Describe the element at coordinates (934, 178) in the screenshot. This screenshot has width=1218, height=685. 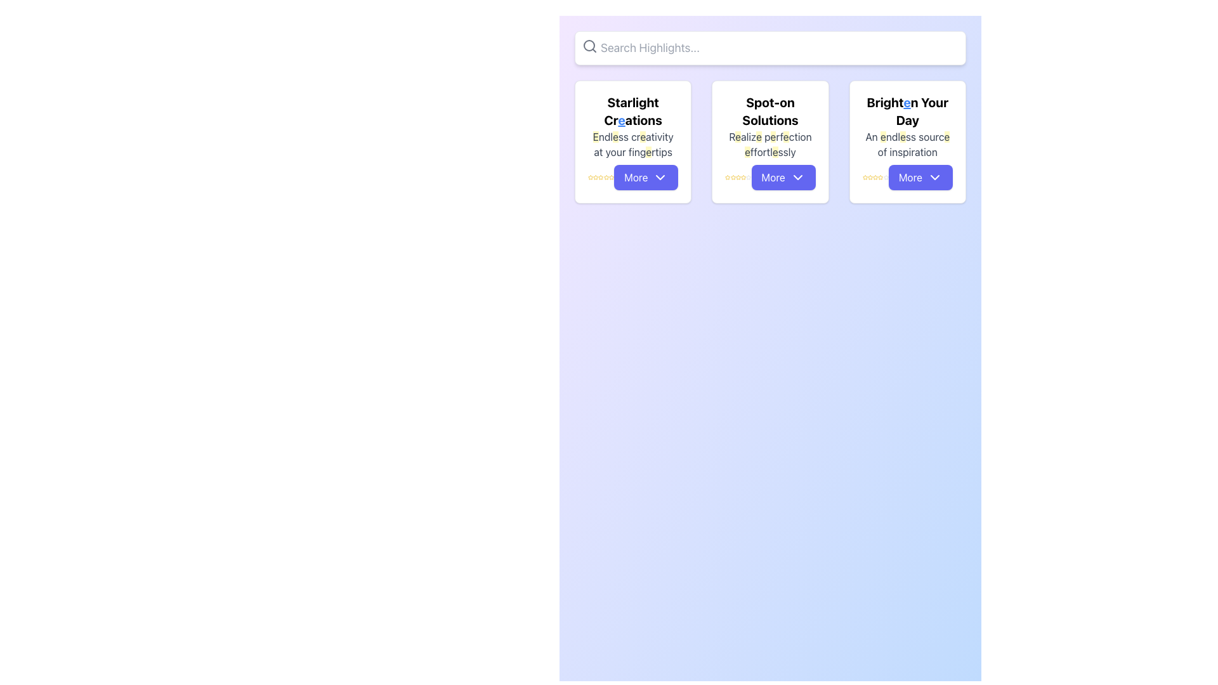
I see `the downward-facing chevron icon within the blue 'More' button located in the bottom section of the 'Brighten Your Day' card` at that location.